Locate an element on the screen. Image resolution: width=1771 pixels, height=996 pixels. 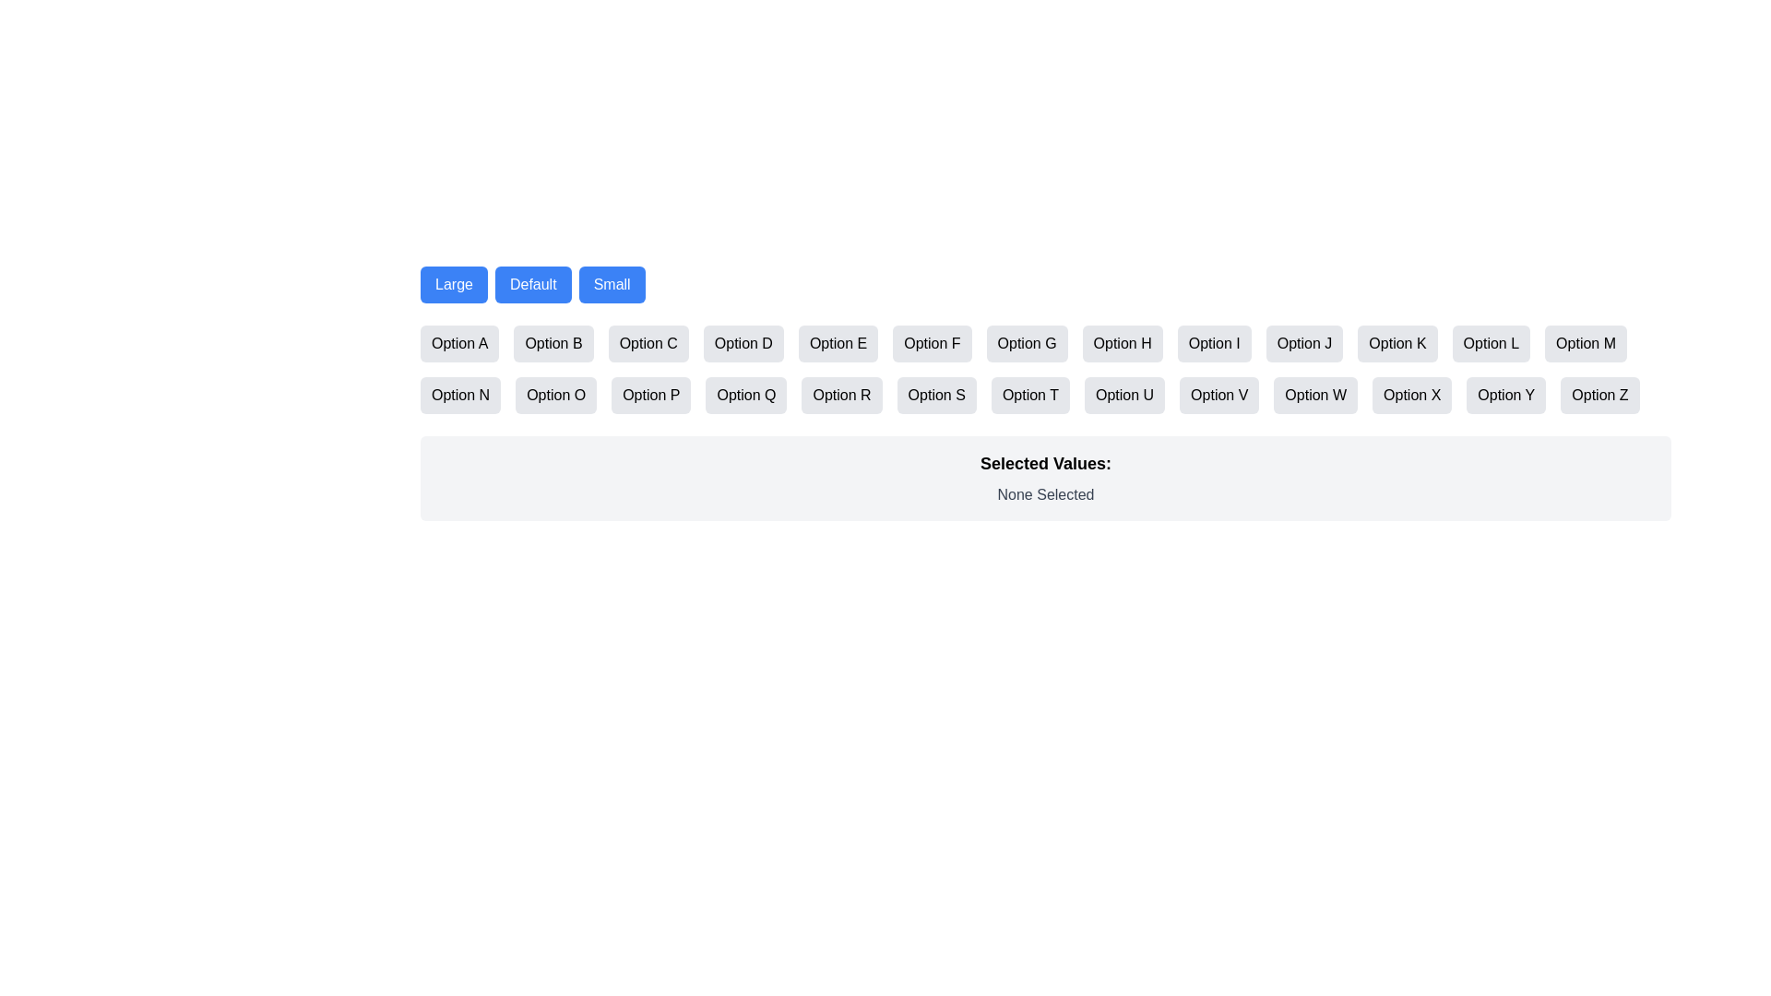
the button labeled 'Option A' is located at coordinates (459, 344).